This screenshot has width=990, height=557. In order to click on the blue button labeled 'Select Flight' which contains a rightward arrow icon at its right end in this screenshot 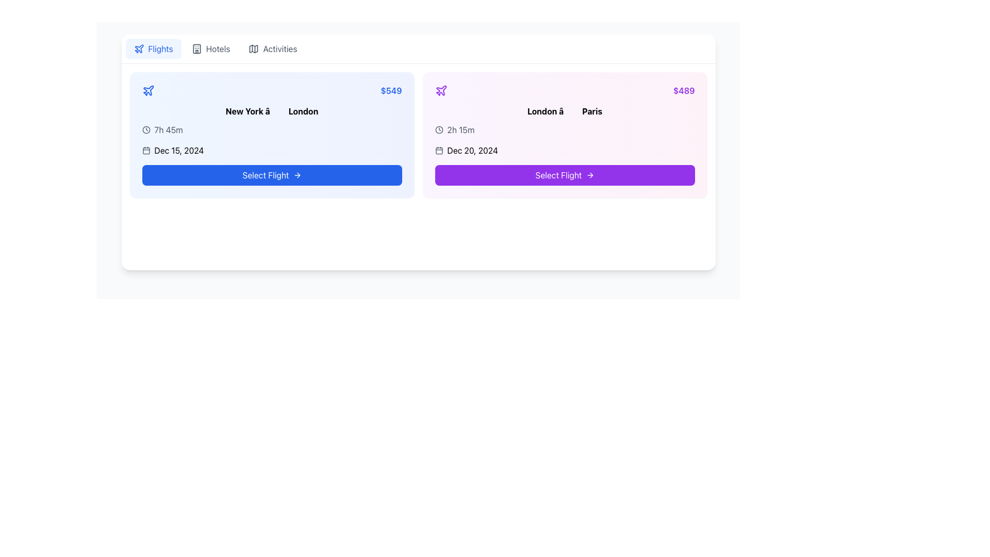, I will do `click(296, 174)`.